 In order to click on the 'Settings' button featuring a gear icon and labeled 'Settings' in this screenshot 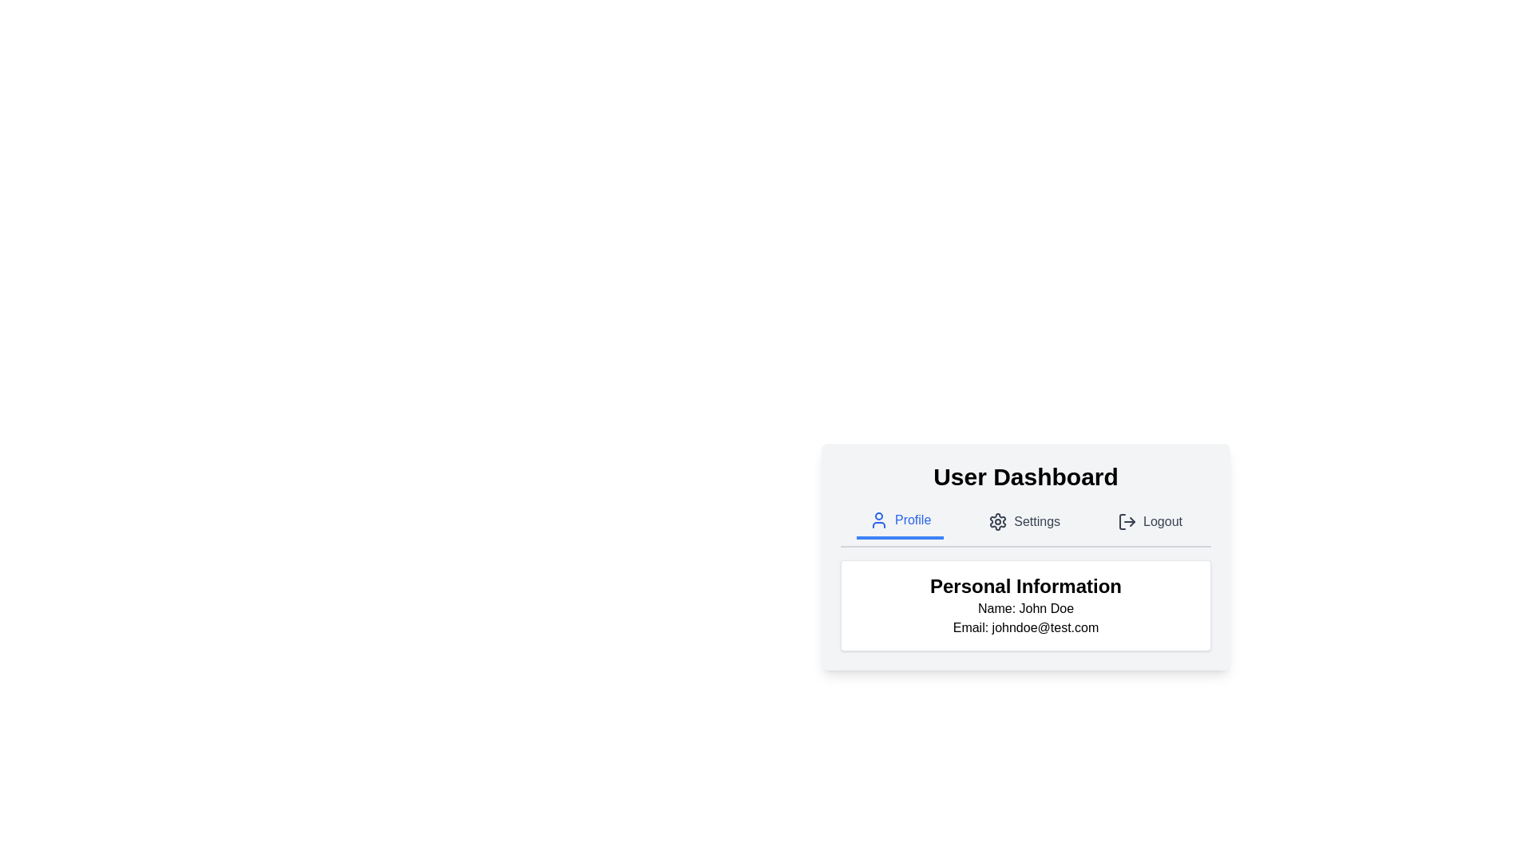, I will do `click(1024, 522)`.